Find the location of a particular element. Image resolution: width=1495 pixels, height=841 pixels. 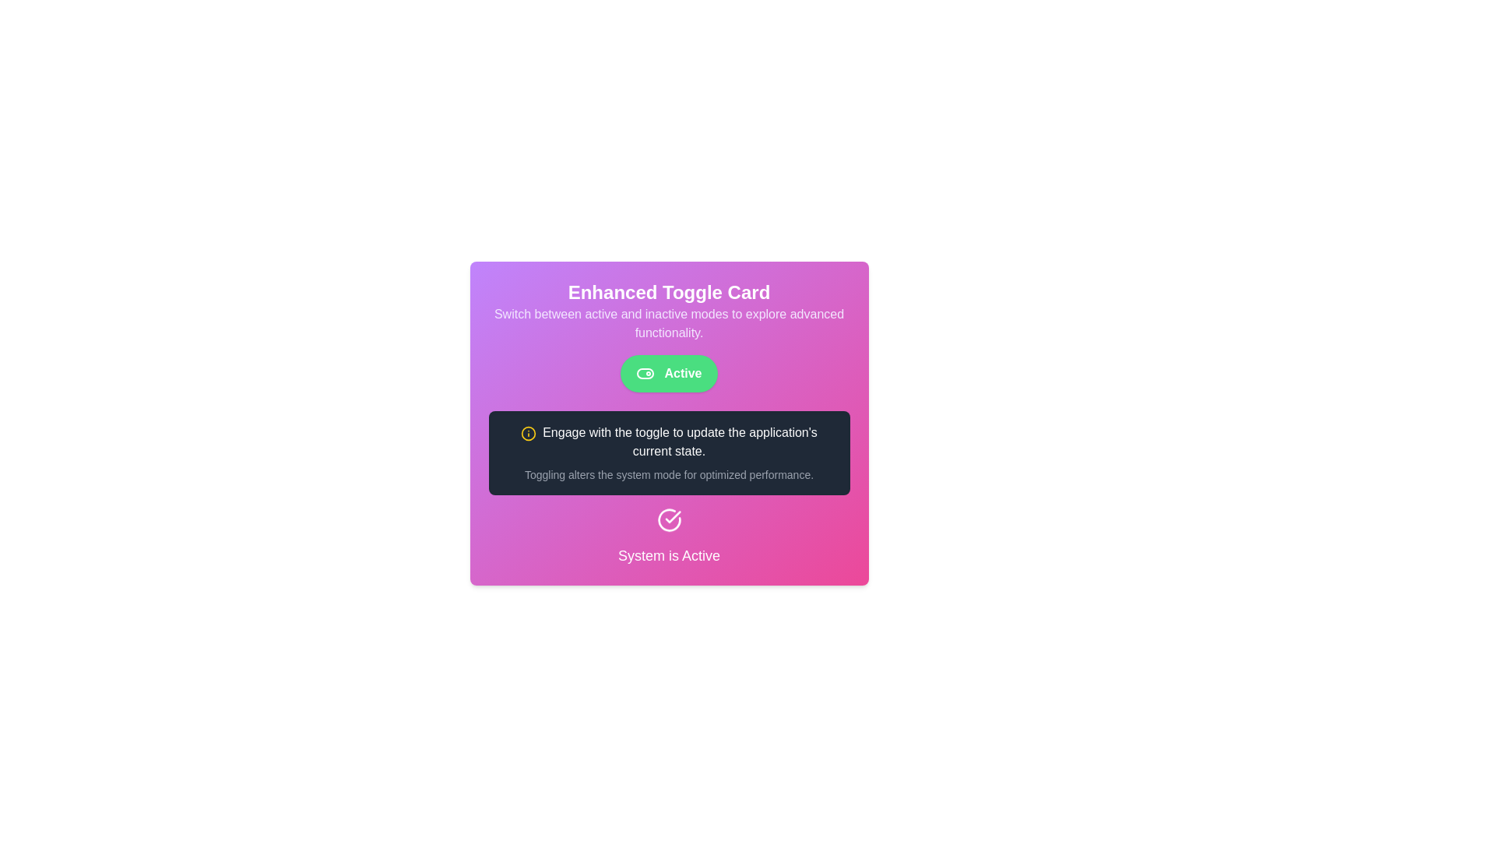

the Static Text Label that states 'System is Active', which is centrally aligned at the bottom of the card interface with a gradient pink background is located at coordinates (669, 554).